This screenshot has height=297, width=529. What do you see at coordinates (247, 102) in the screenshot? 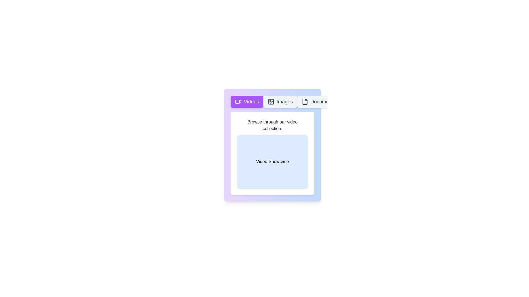
I see `the 'Videos' button with a purple background and white text` at bounding box center [247, 102].